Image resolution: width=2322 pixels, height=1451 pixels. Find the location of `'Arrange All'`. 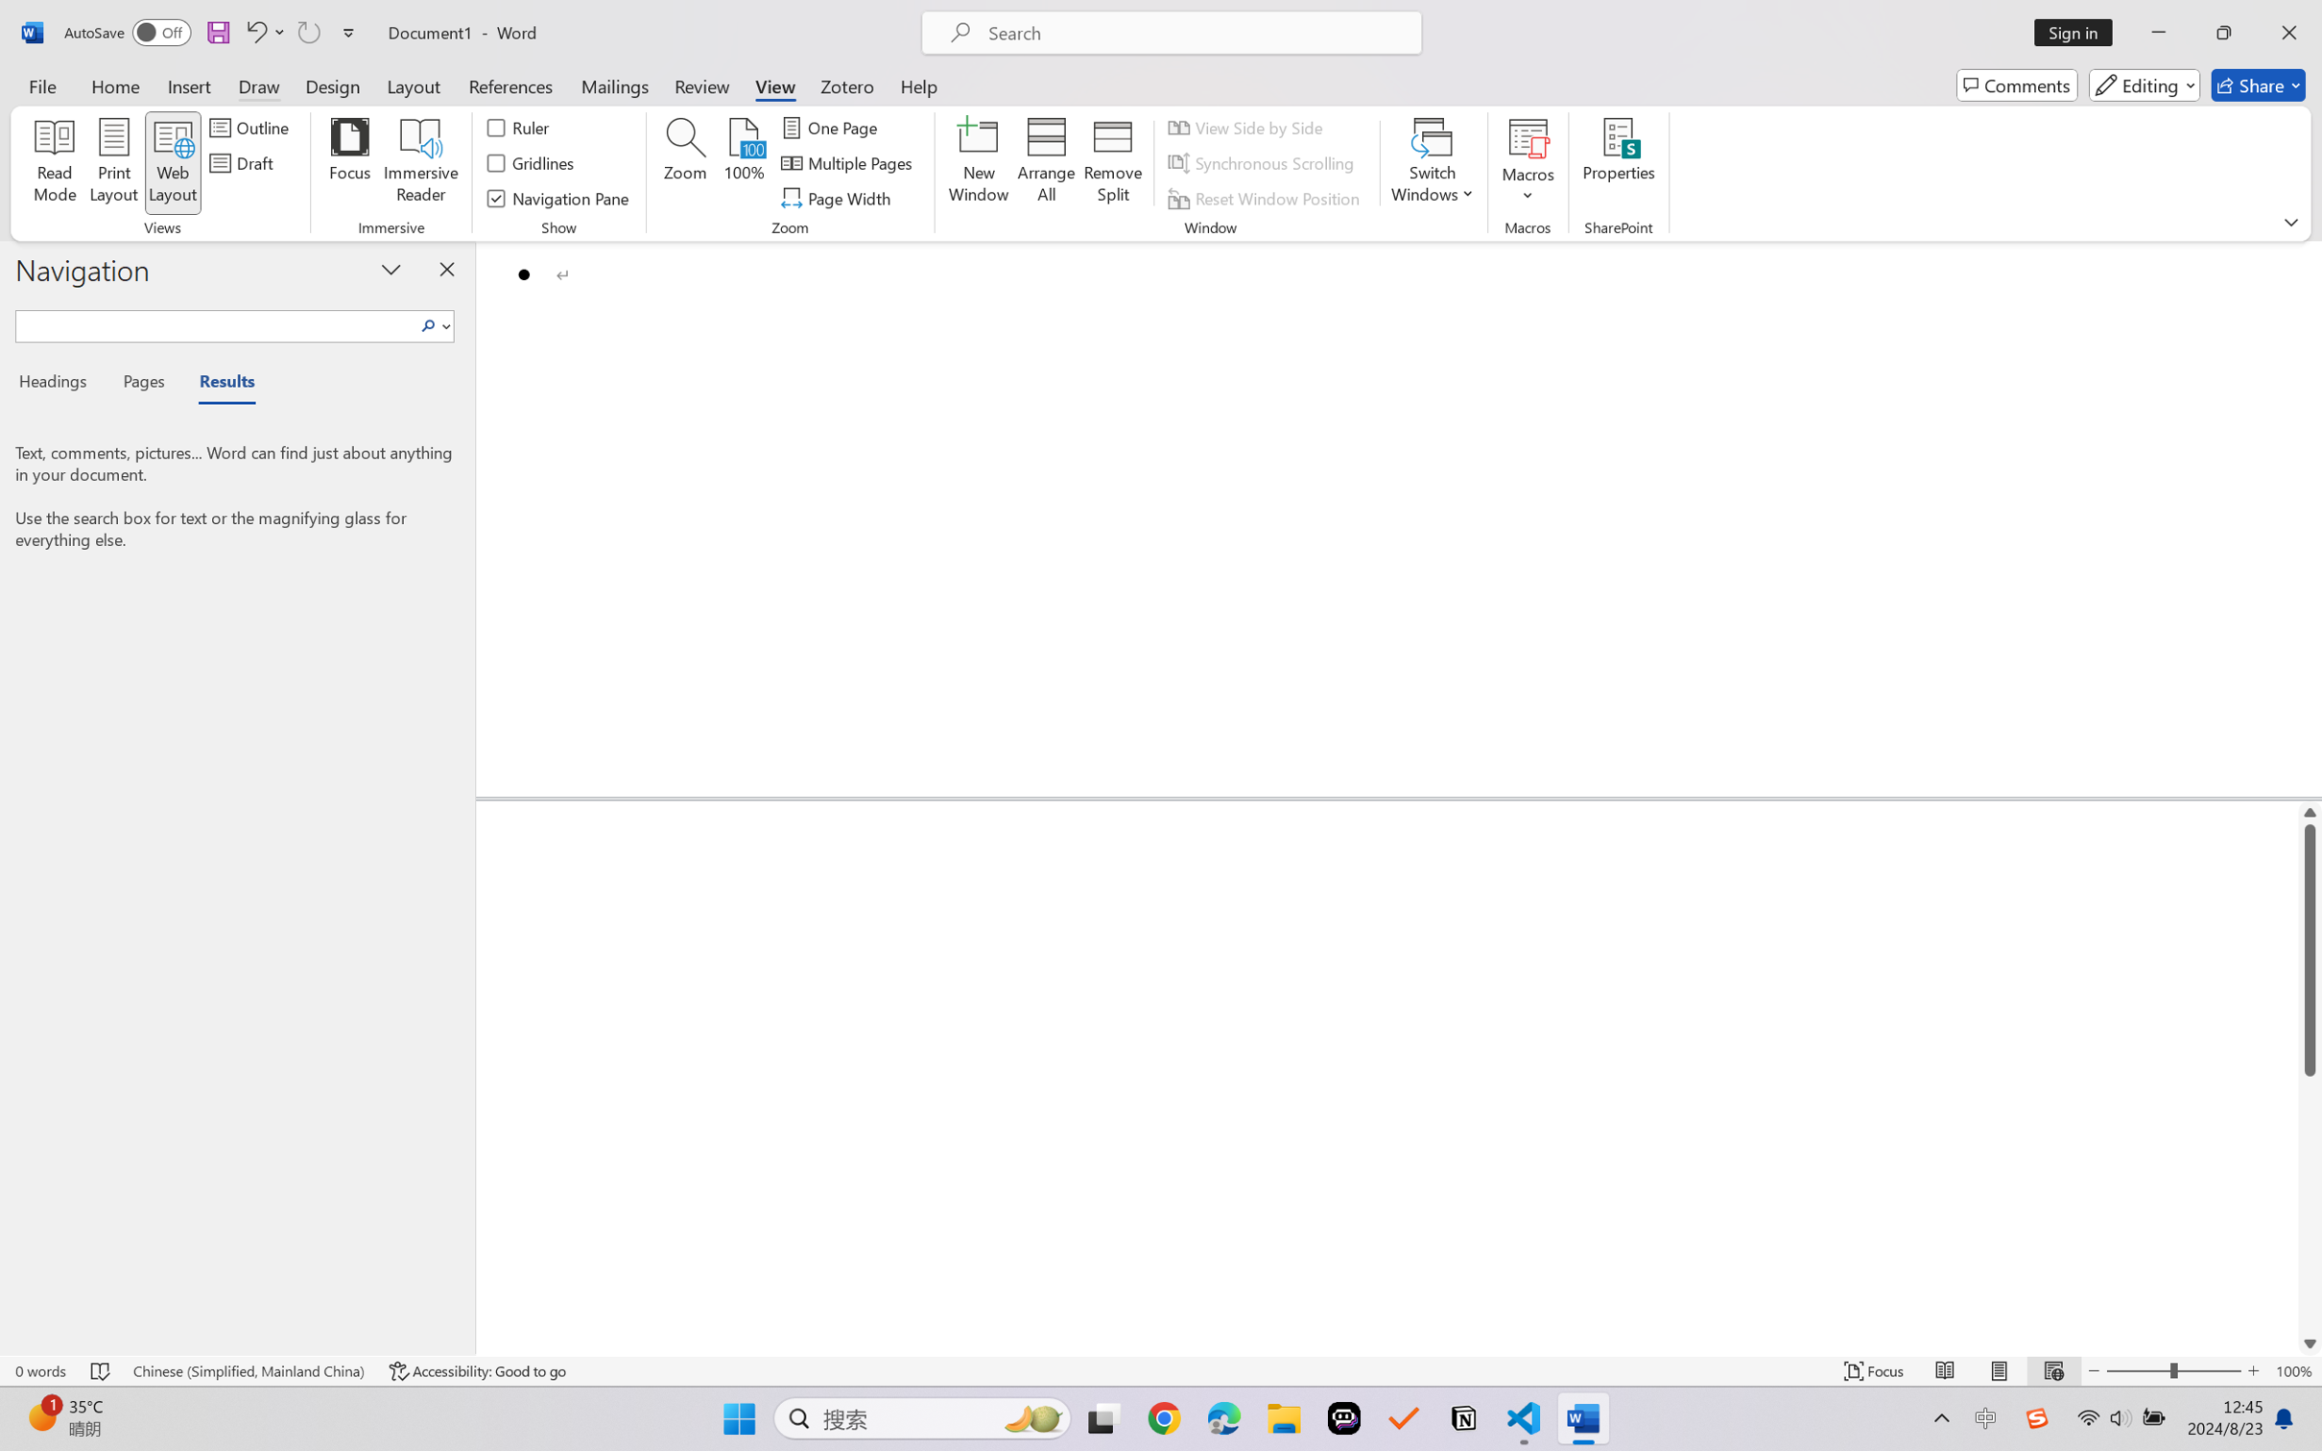

'Arrange All' is located at coordinates (1045, 163).